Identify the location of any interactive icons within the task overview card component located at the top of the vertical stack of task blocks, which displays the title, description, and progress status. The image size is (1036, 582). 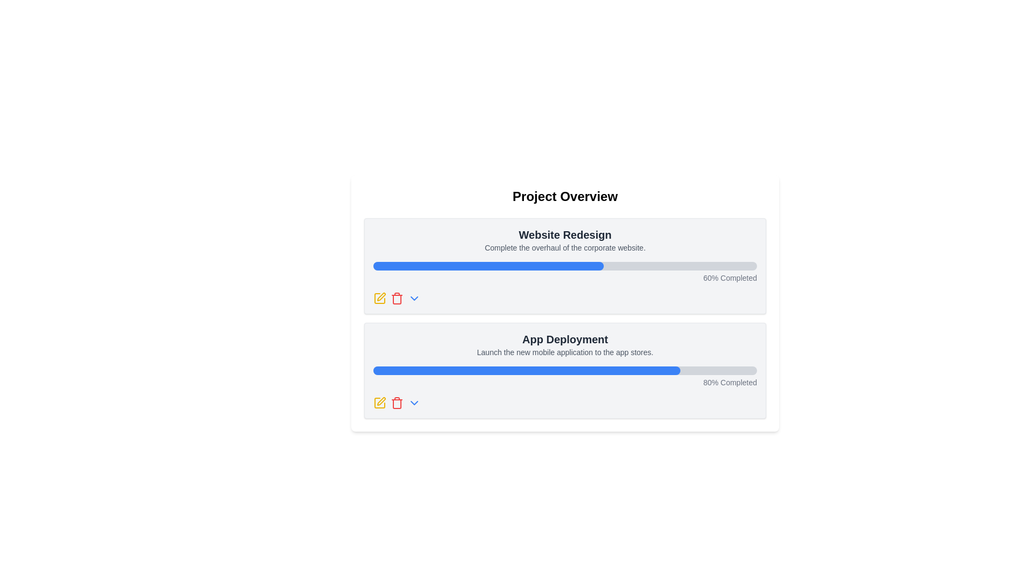
(564, 266).